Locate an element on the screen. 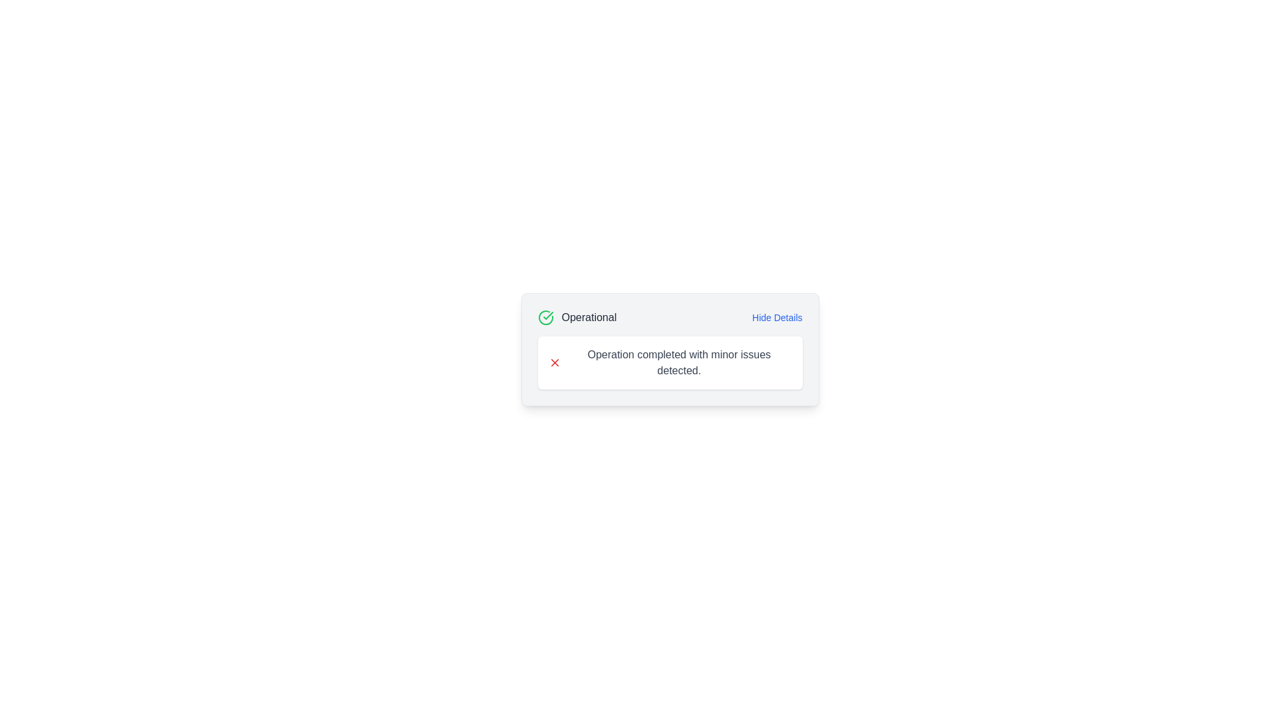  displayed message from the status text located within the notification card below the header 'Operational', which is right-aligned with a red 'X' icon to its left is located at coordinates (679, 363).